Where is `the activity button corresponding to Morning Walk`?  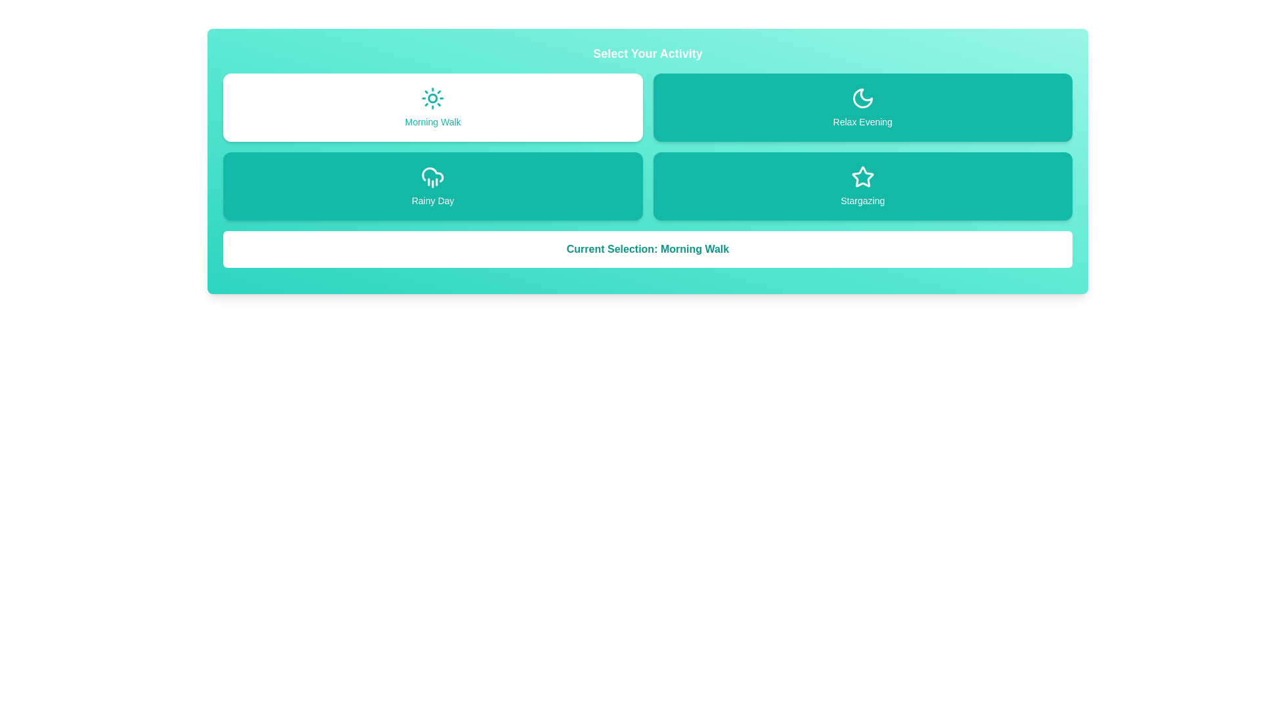 the activity button corresponding to Morning Walk is located at coordinates (433, 107).